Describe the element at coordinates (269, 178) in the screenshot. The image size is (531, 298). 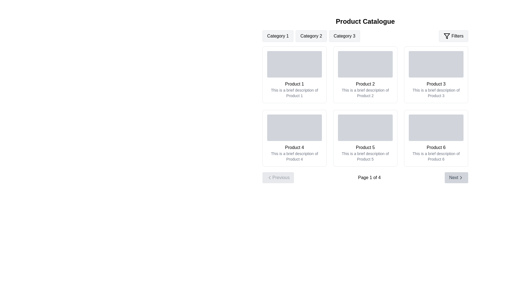
I see `the left-pointing chevron arrow icon of the 'Previous' button located at the bottom-left corner of the product catalog interface` at that location.